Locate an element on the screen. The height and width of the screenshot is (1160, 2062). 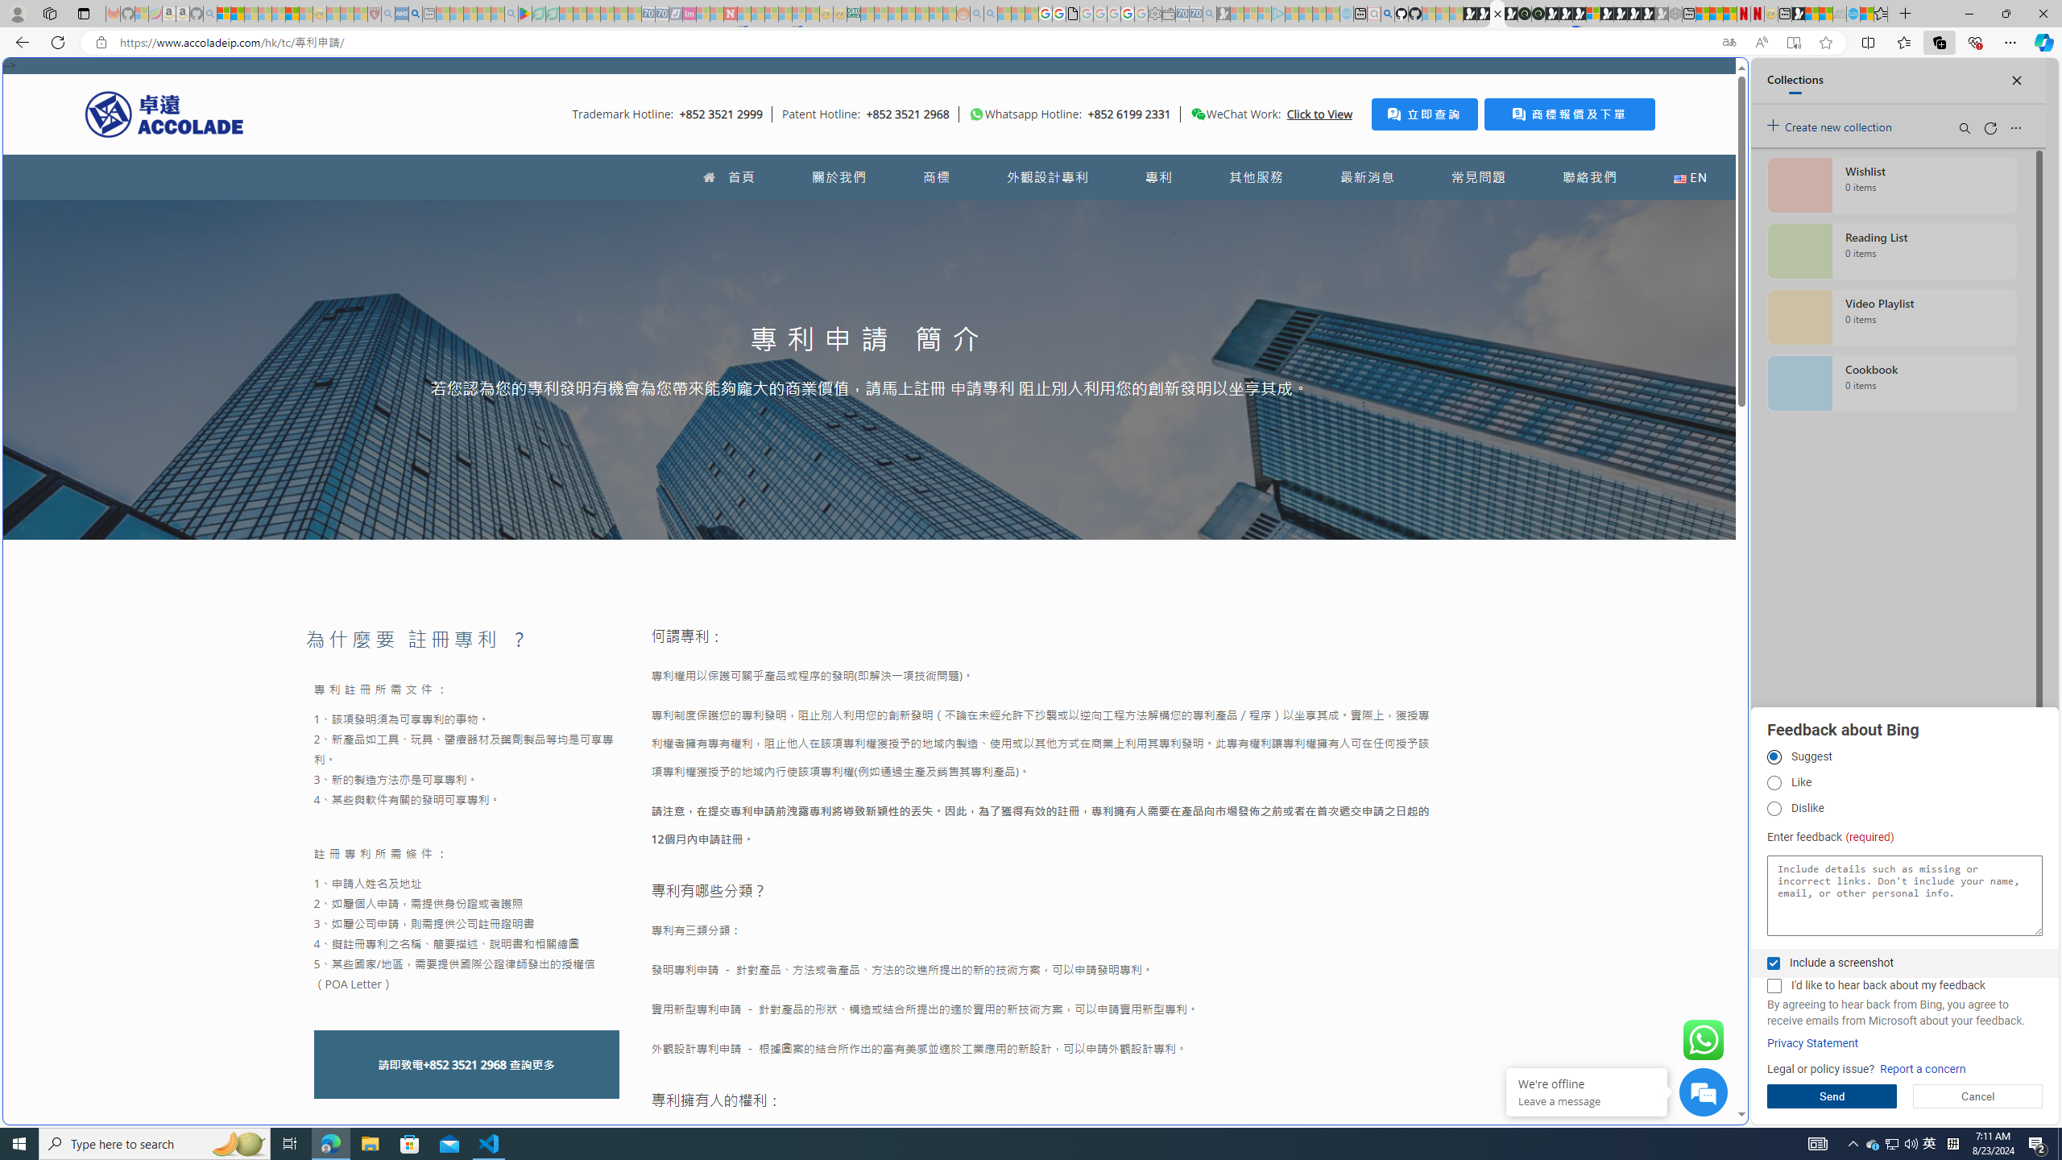
'Microsoft account | Privacy - Sleeping' is located at coordinates (1264, 13).